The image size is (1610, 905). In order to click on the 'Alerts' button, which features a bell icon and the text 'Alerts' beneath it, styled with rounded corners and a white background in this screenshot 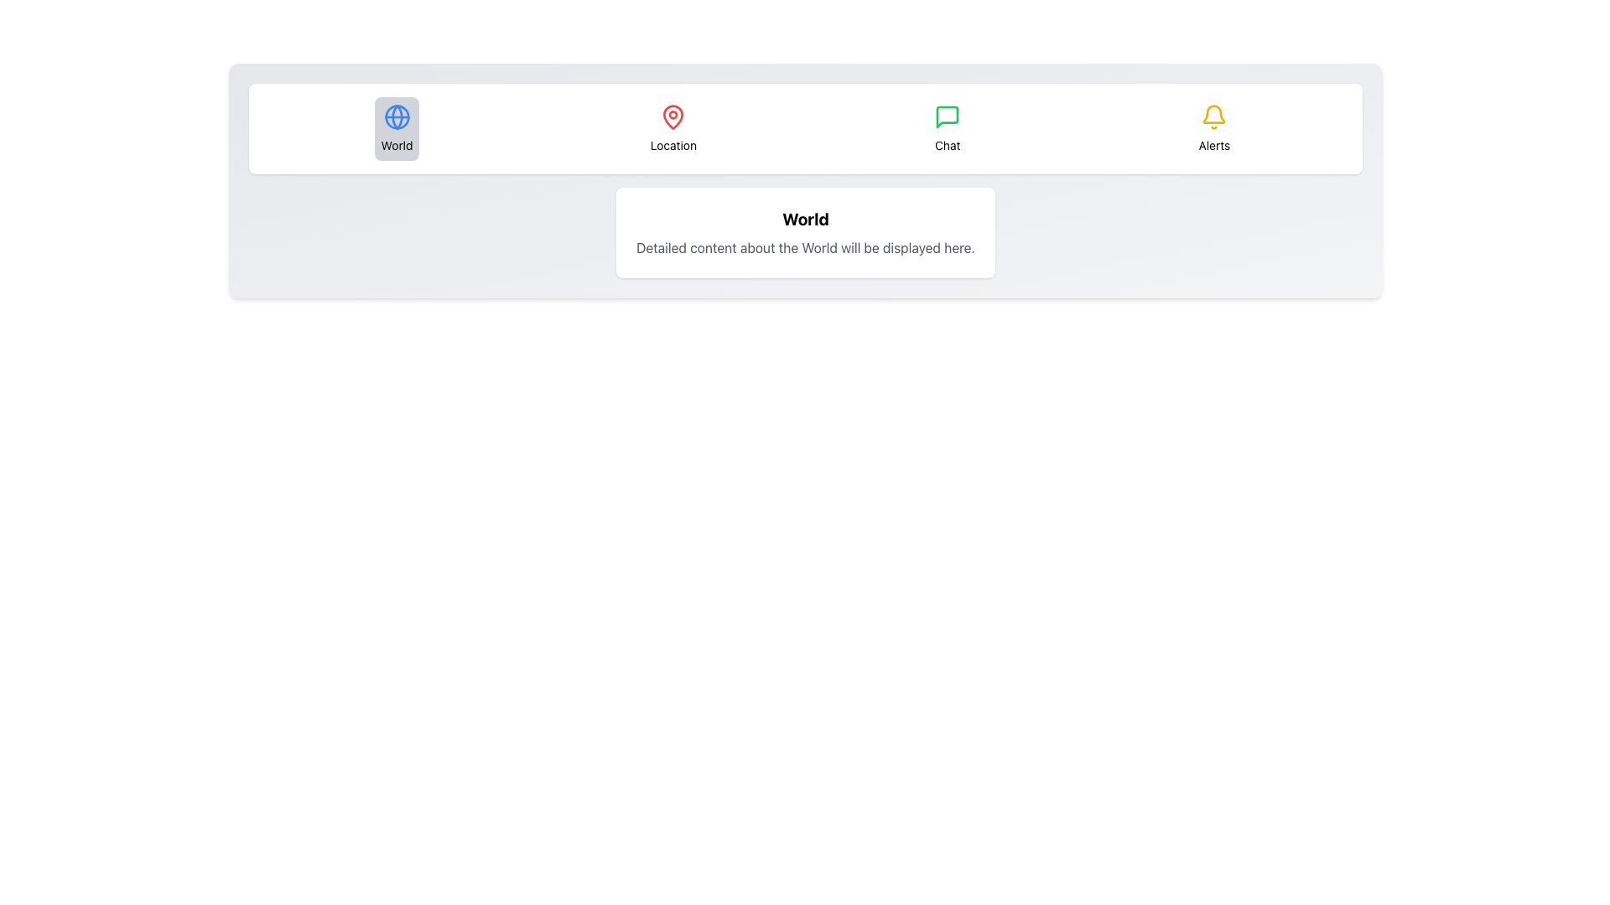, I will do `click(1214, 128)`.